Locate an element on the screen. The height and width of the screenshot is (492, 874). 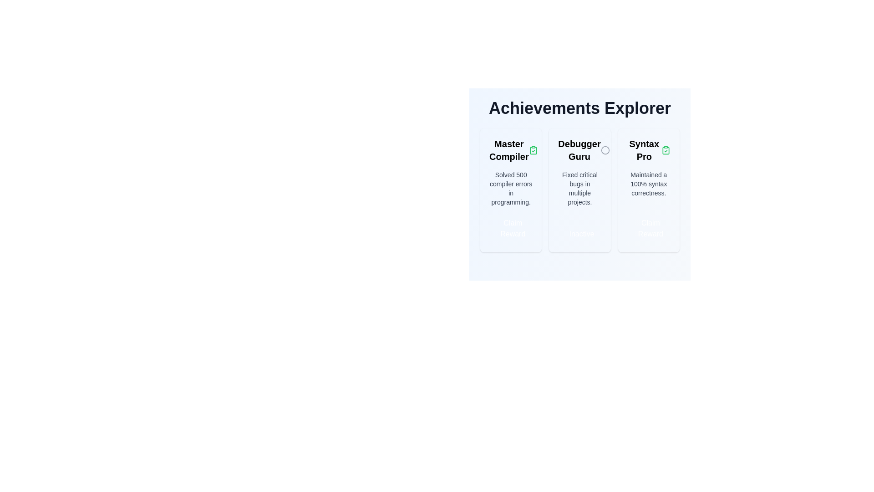
the descriptive text element that provides information about the achievement related to solving 500 compiler errors, located below the 'Master Compiler' title and above the 'Claim Reward' button in the 'Achievements Explorer' section is located at coordinates (511, 188).